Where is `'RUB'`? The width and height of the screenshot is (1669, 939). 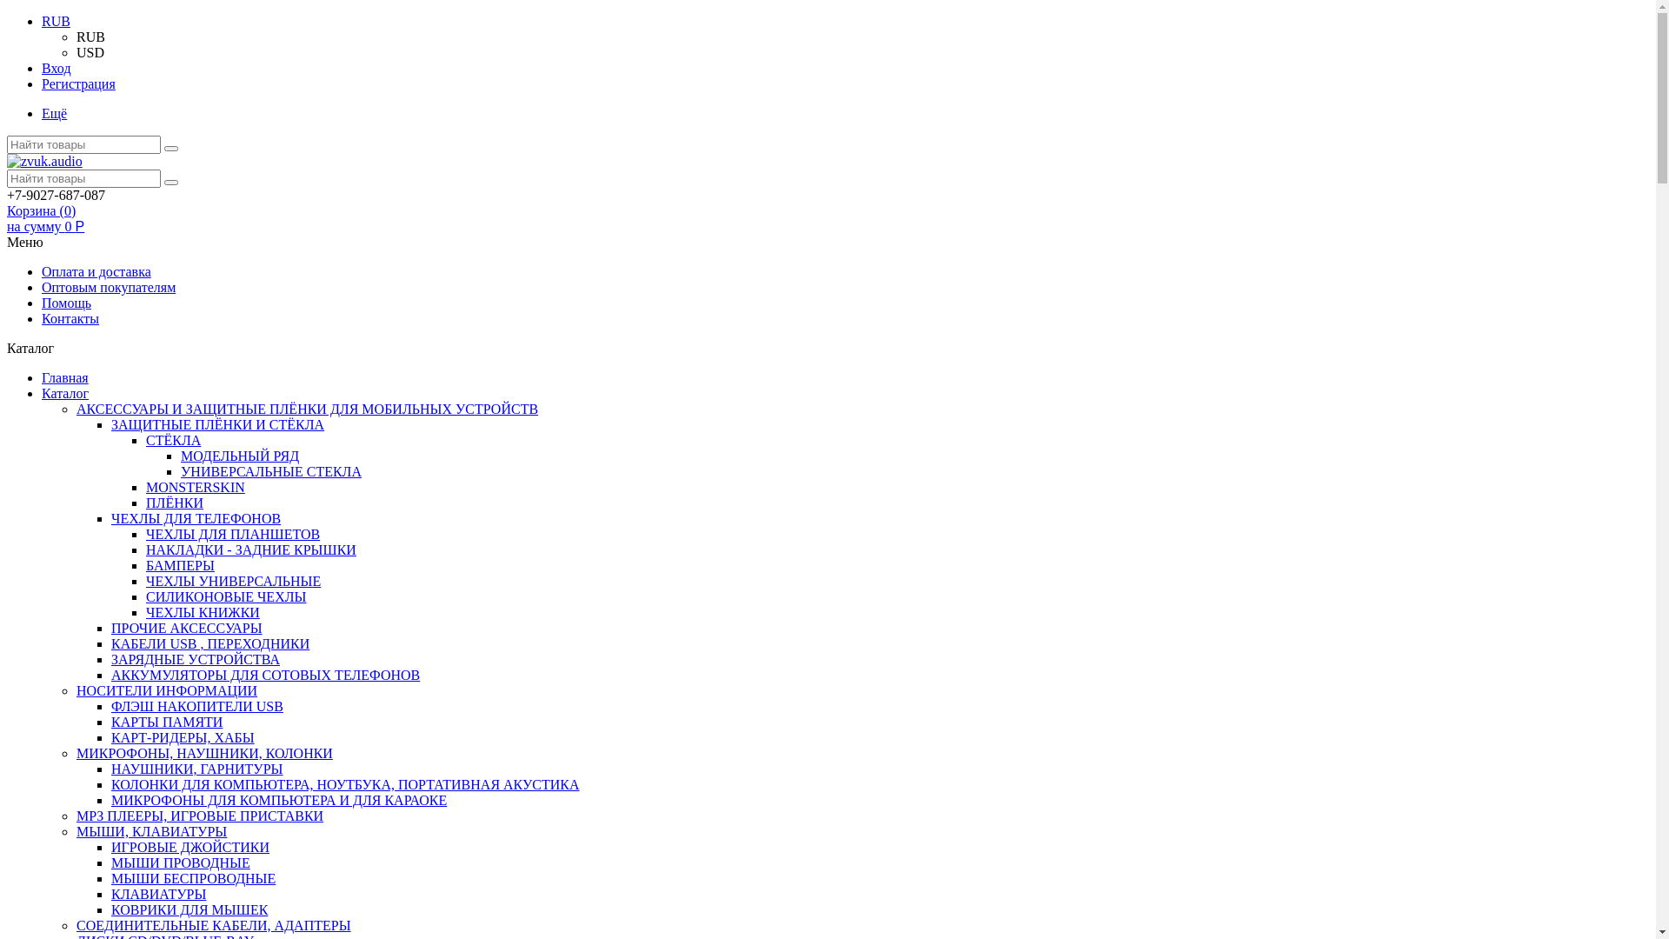 'RUB' is located at coordinates (56, 21).